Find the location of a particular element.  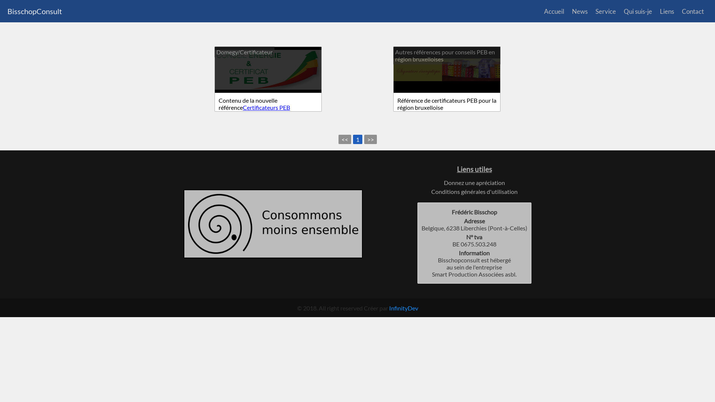

'Certificateurs PEB' is located at coordinates (243, 107).